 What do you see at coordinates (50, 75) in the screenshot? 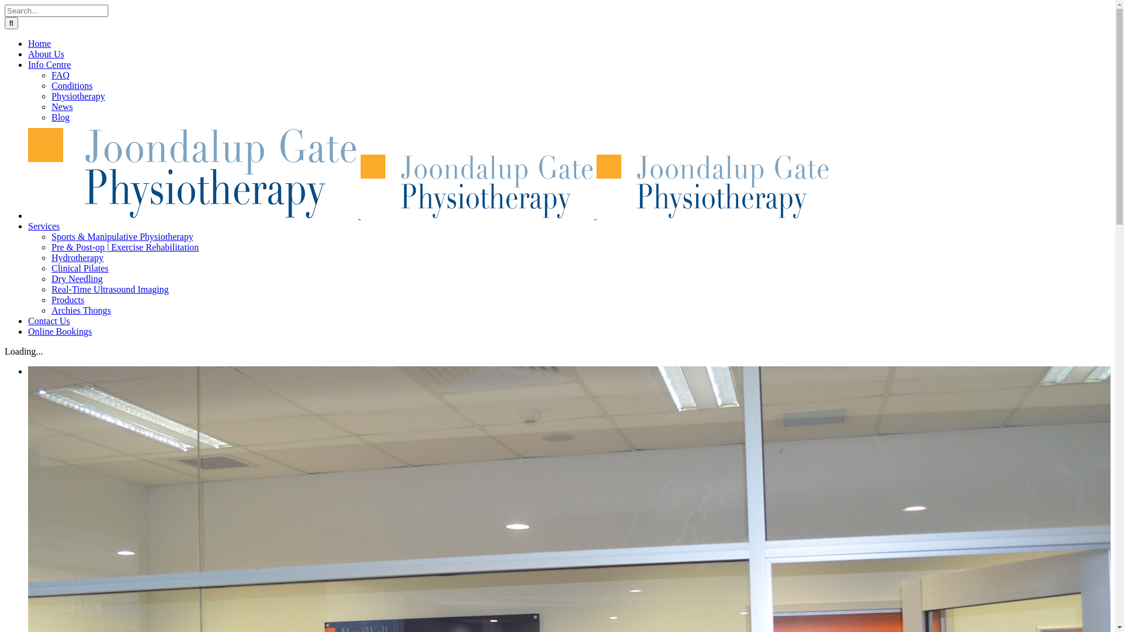
I see `'FAQ'` at bounding box center [50, 75].